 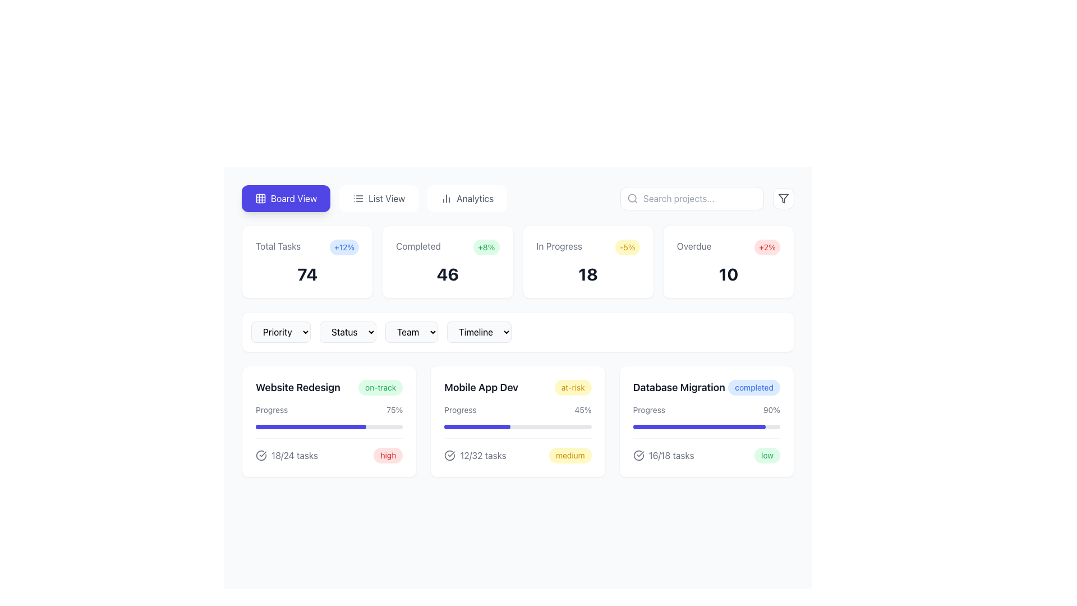 I want to click on the Text Label located to the left of the '75%' text in the 'Website Redesign' section, so click(x=271, y=410).